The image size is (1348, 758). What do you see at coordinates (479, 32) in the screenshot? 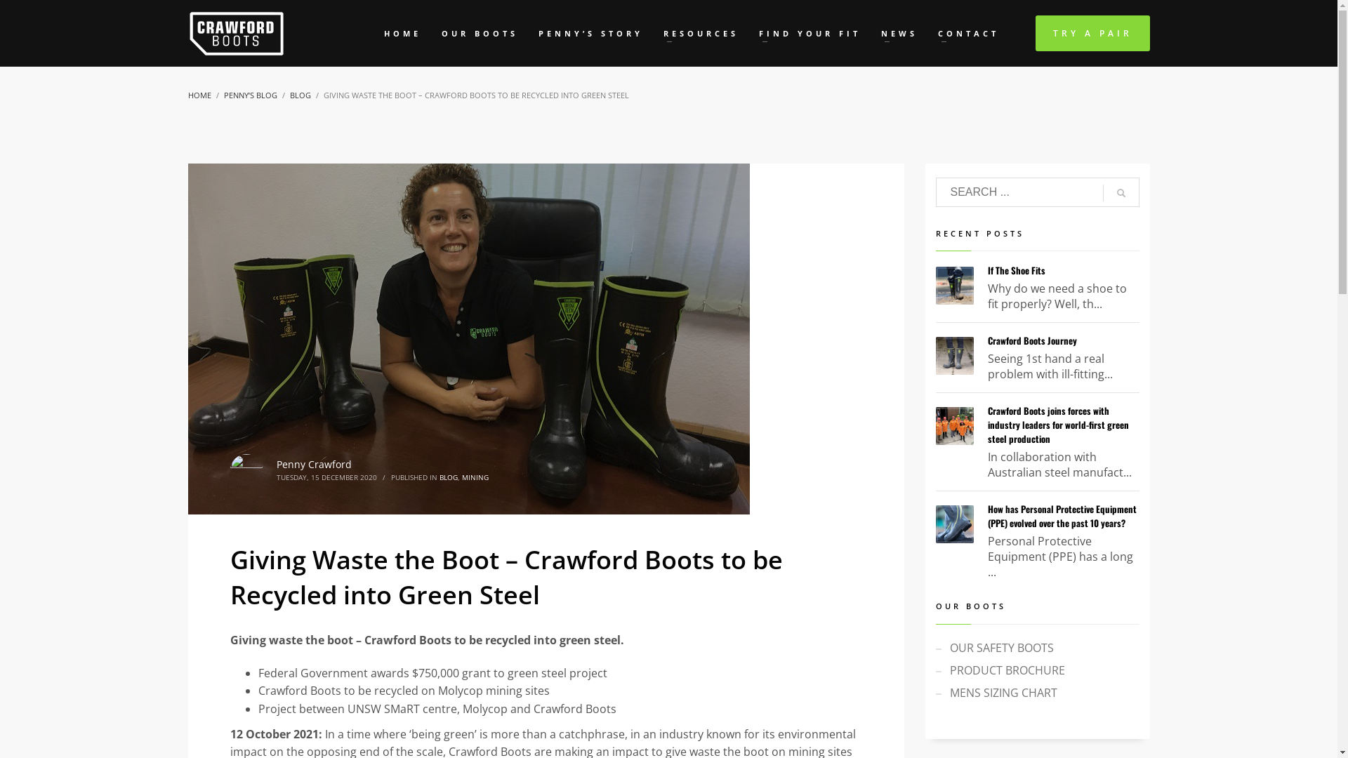
I see `'OUR BOOTS'` at bounding box center [479, 32].